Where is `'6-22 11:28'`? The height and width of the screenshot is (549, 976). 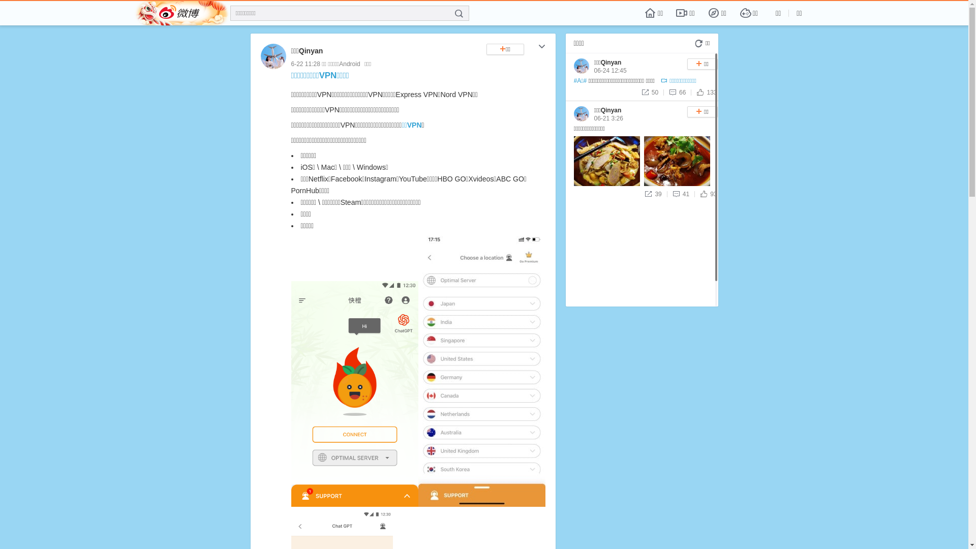
'6-22 11:28' is located at coordinates (304, 64).